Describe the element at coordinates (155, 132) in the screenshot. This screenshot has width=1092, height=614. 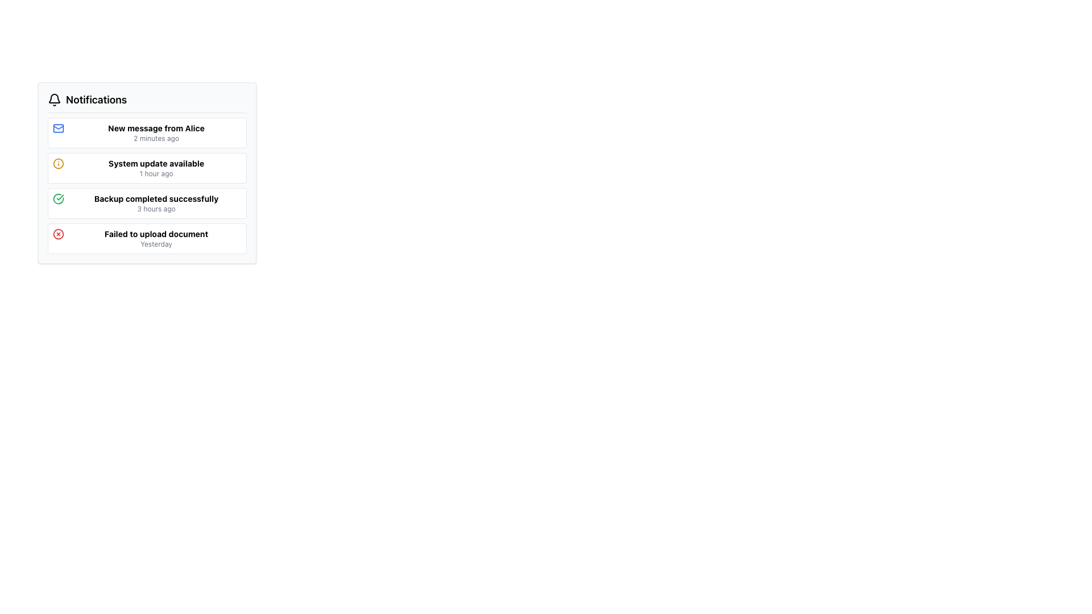
I see `the Notification item displaying 'New message from Alice' located at the top of the notification panel, which features an envelope icon to its left` at that location.